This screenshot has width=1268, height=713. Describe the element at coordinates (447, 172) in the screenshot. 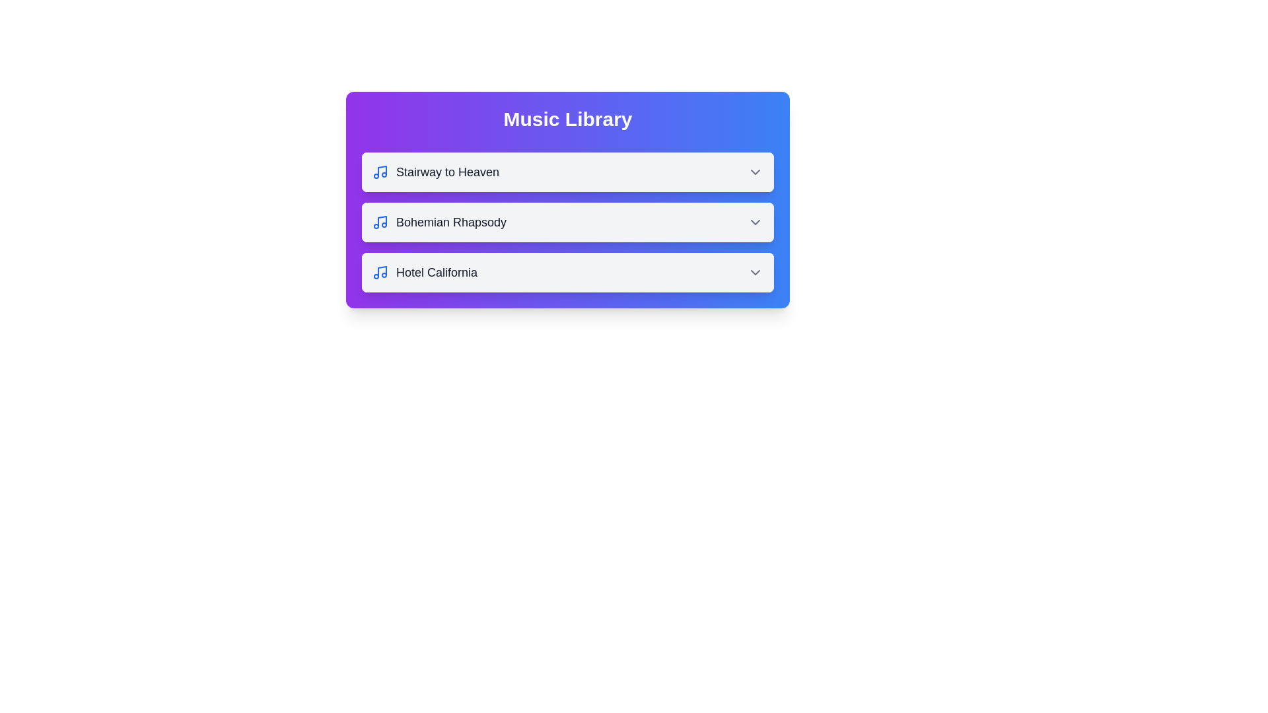

I see `the Text Label displaying 'Stairway to Heaven' in the Music Library section, which is located next to a blue musical note icon` at that location.